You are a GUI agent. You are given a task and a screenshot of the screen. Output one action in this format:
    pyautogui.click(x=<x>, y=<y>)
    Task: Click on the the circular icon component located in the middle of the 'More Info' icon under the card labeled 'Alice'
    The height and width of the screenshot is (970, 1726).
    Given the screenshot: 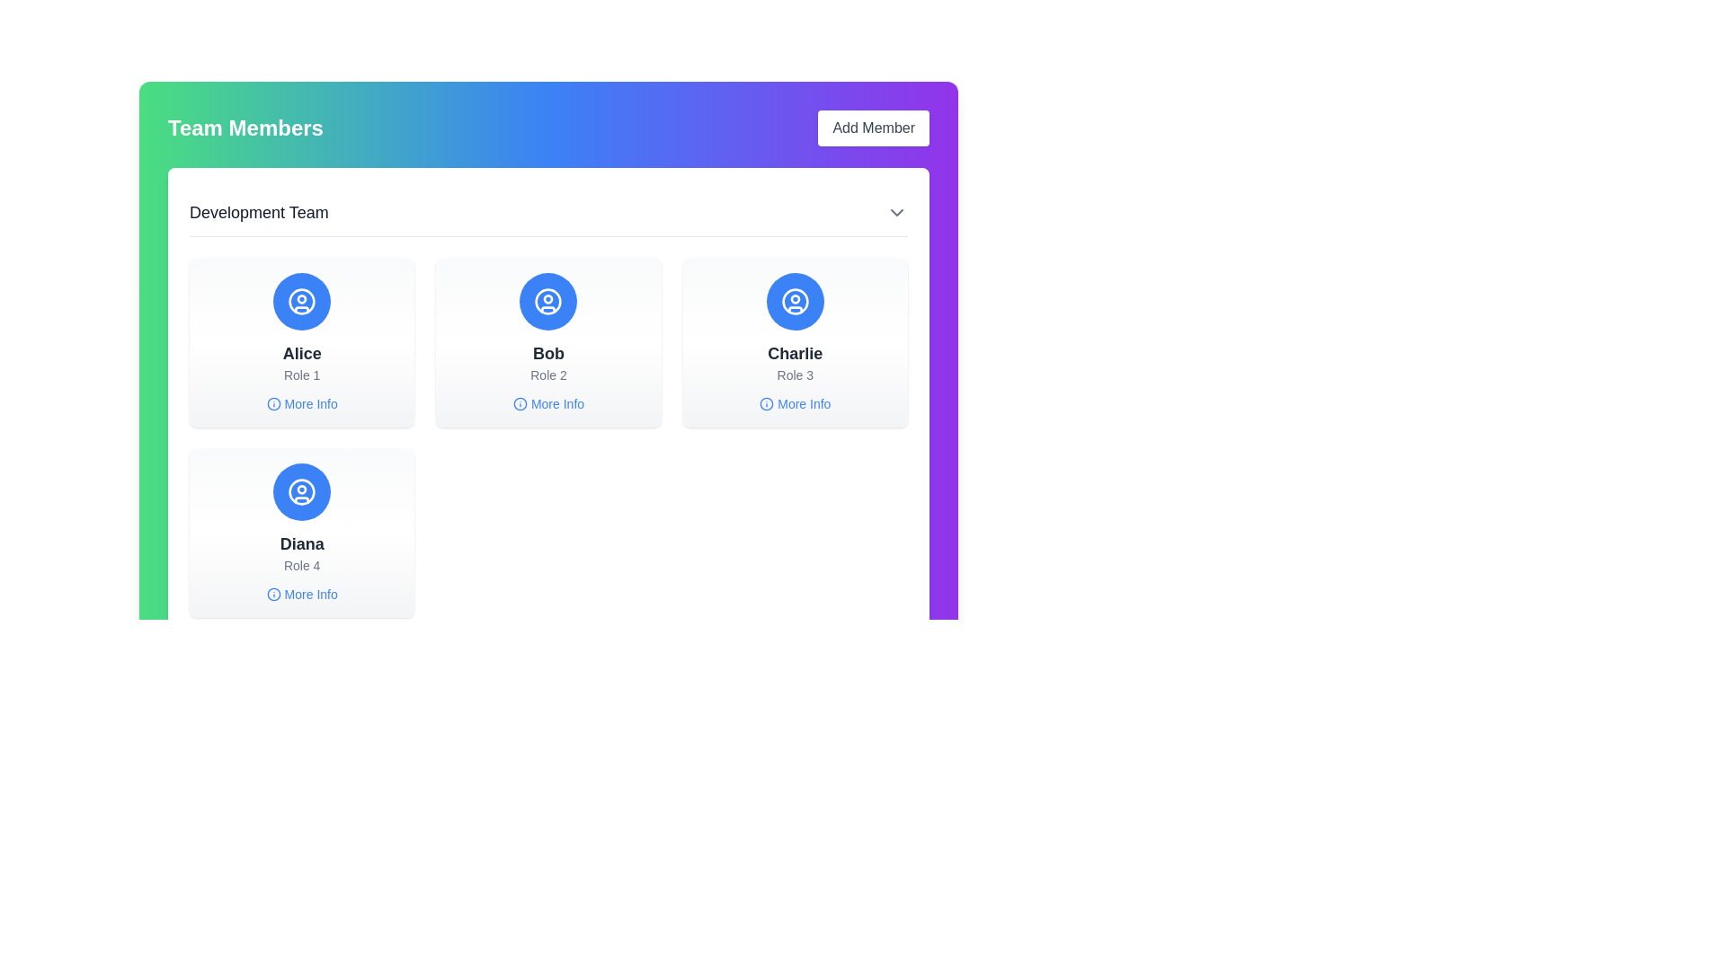 What is the action you would take?
    pyautogui.click(x=272, y=404)
    